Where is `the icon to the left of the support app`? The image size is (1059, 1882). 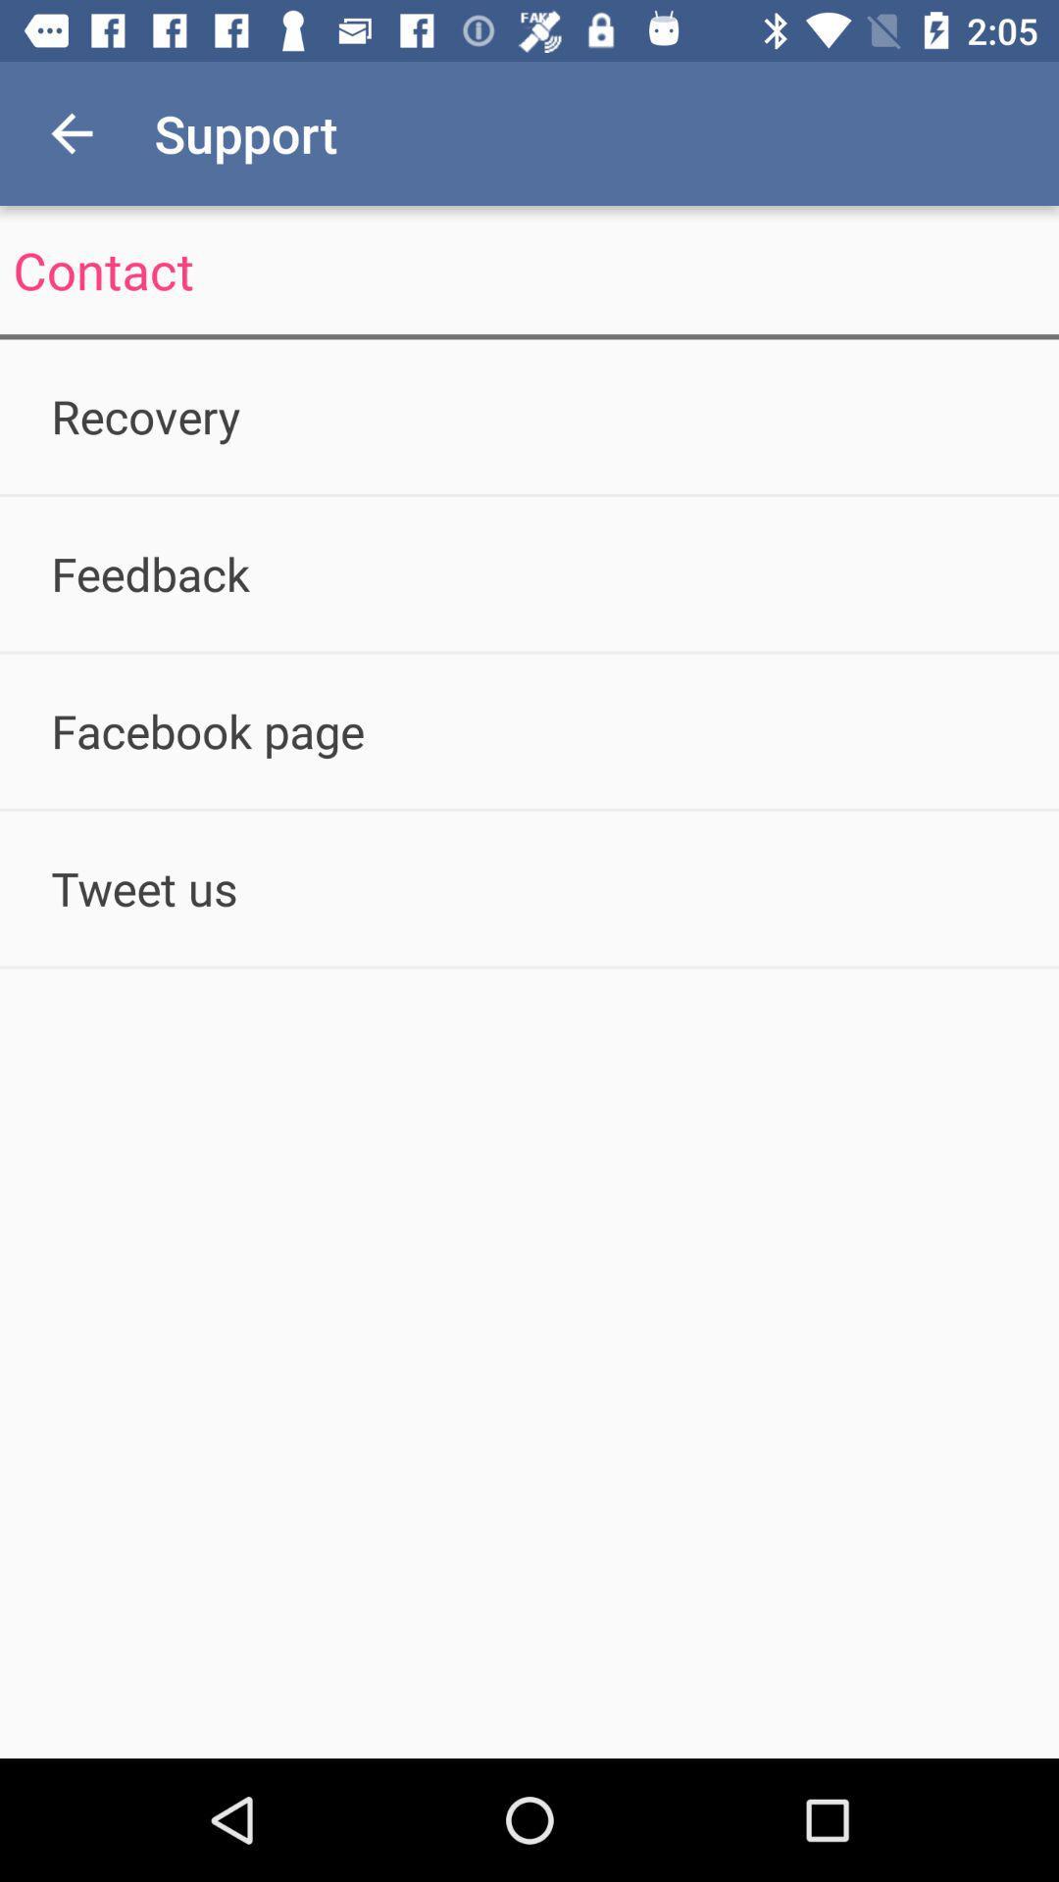
the icon to the left of the support app is located at coordinates (71, 132).